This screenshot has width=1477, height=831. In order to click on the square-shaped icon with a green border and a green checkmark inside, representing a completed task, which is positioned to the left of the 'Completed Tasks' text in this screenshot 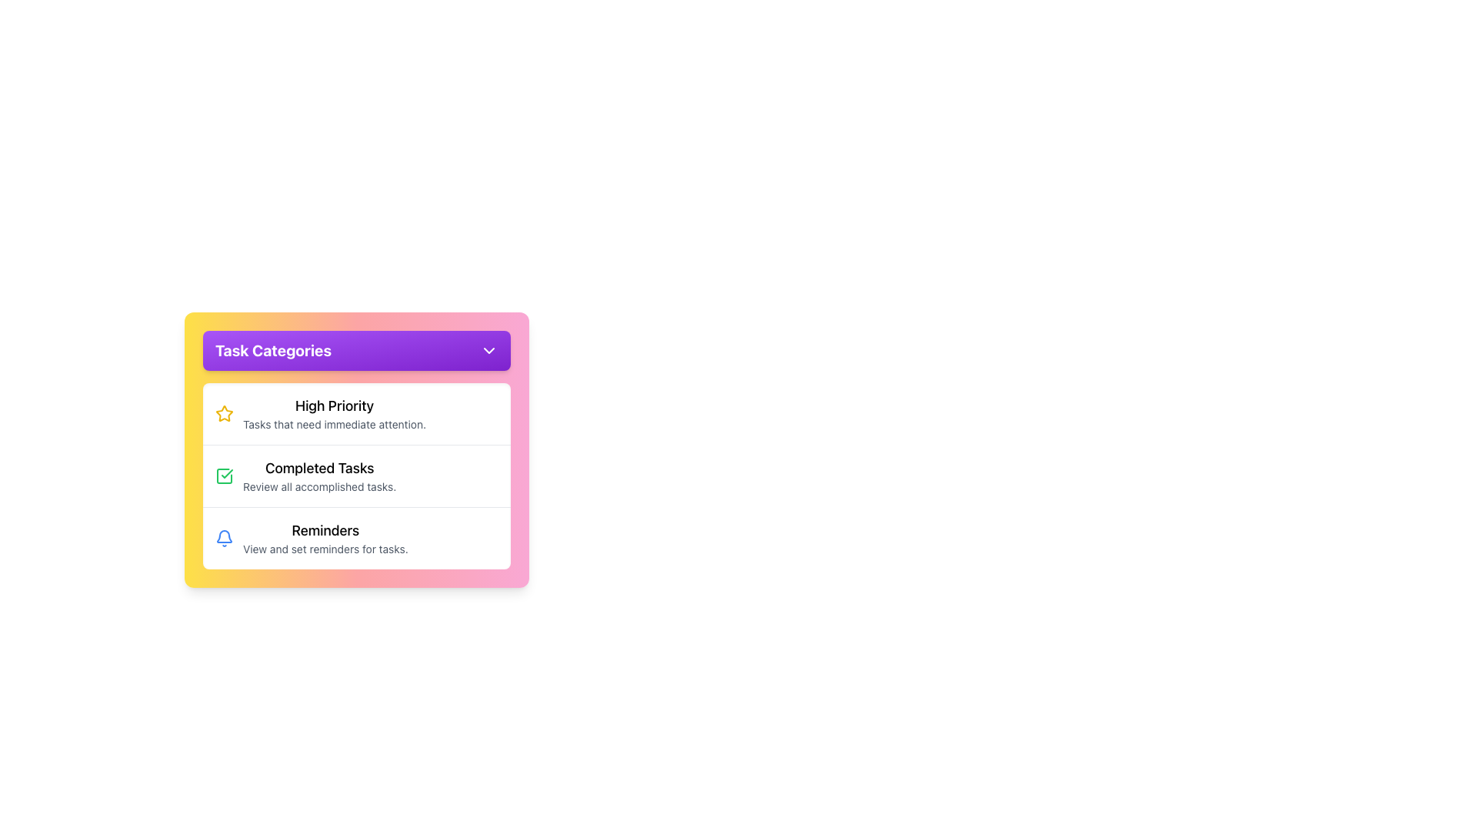, I will do `click(224, 475)`.